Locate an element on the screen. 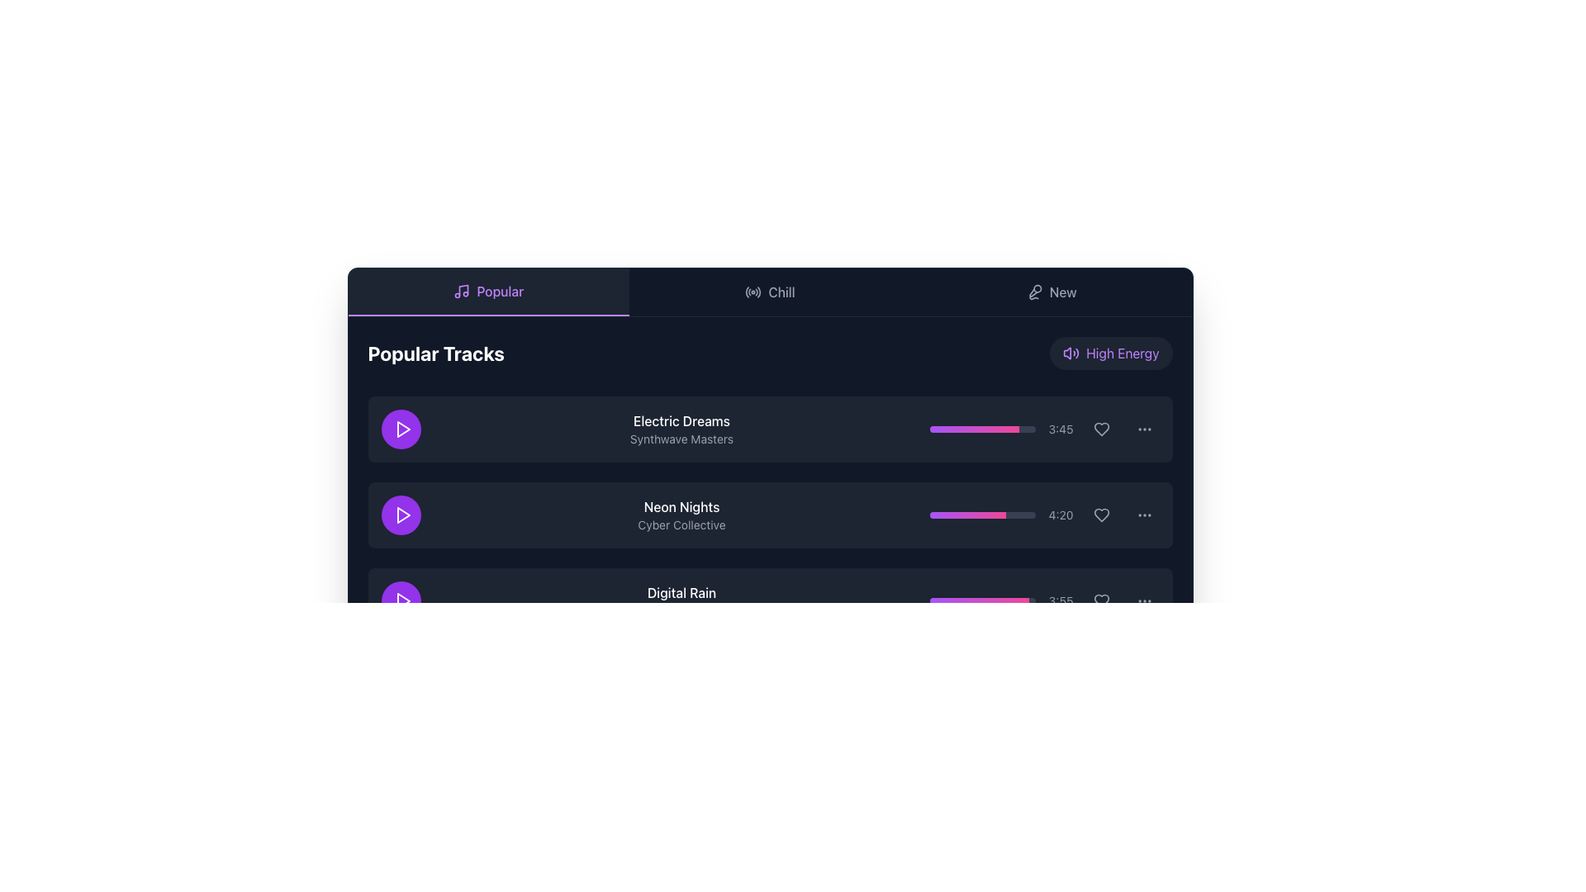 This screenshot has height=892, width=1586. the circular signal icon located in the header section of the interface, positioned between the 'Popular' button and the 'New' button is located at coordinates (753, 292).